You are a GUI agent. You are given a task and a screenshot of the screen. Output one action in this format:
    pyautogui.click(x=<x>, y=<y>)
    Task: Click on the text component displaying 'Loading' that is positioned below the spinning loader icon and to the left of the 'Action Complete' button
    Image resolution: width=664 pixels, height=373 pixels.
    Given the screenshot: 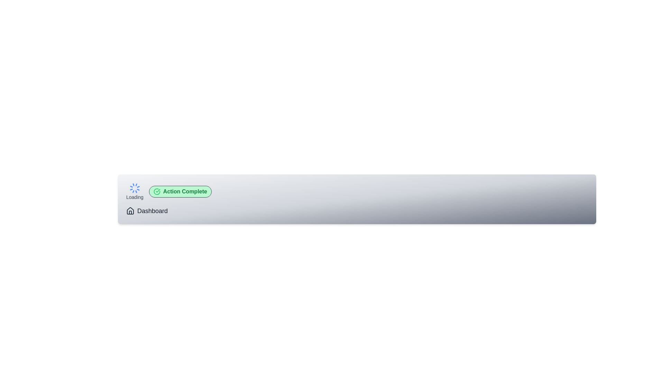 What is the action you would take?
    pyautogui.click(x=135, y=197)
    